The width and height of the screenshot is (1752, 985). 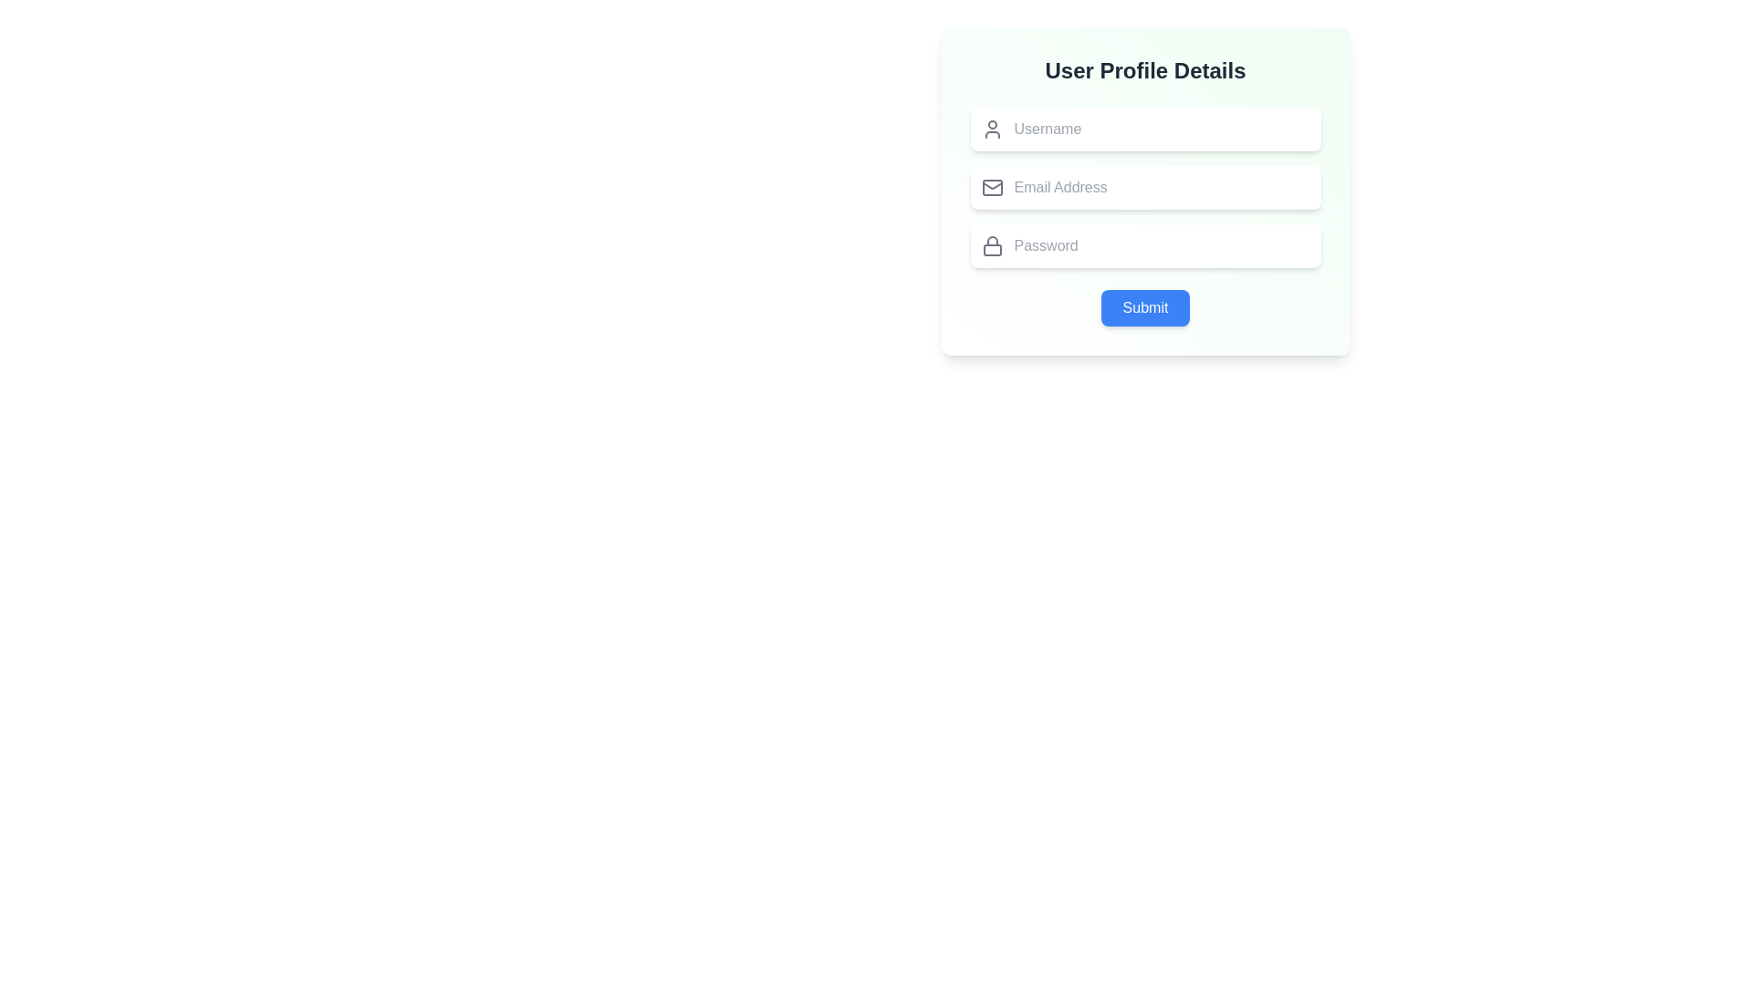 I want to click on the submit button located below the input fields for username, email, and password in the user profile details form to change its color, so click(x=1144, y=307).